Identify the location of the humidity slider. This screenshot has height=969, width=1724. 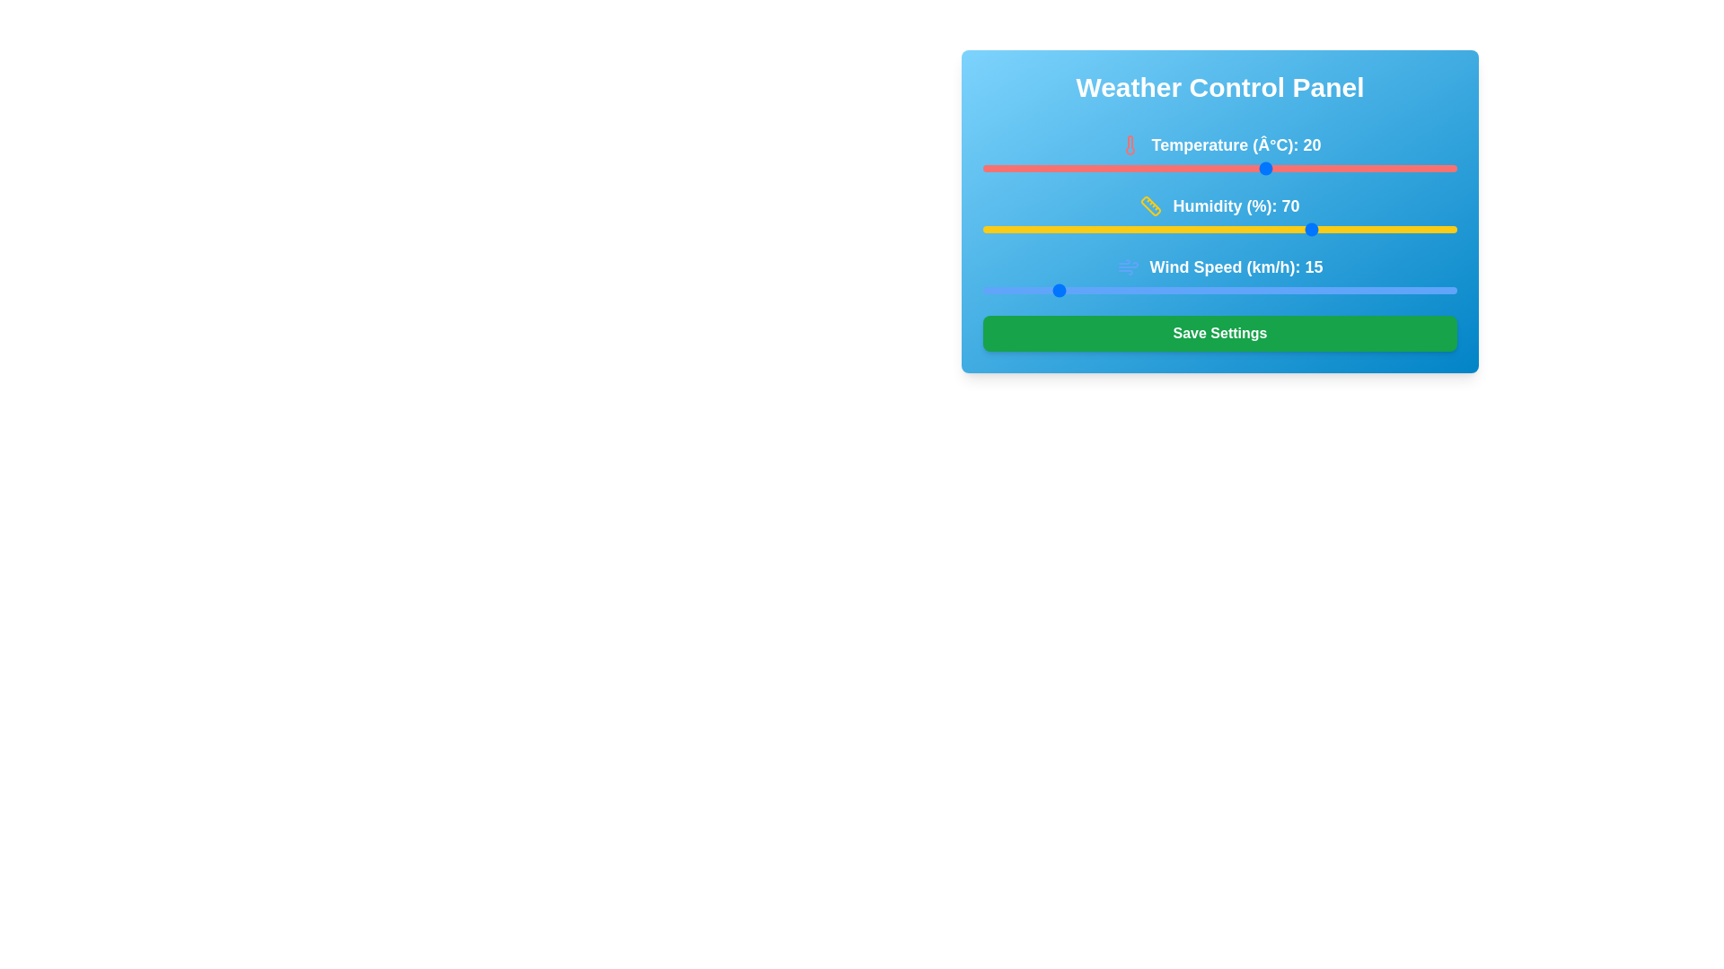
(1201, 228).